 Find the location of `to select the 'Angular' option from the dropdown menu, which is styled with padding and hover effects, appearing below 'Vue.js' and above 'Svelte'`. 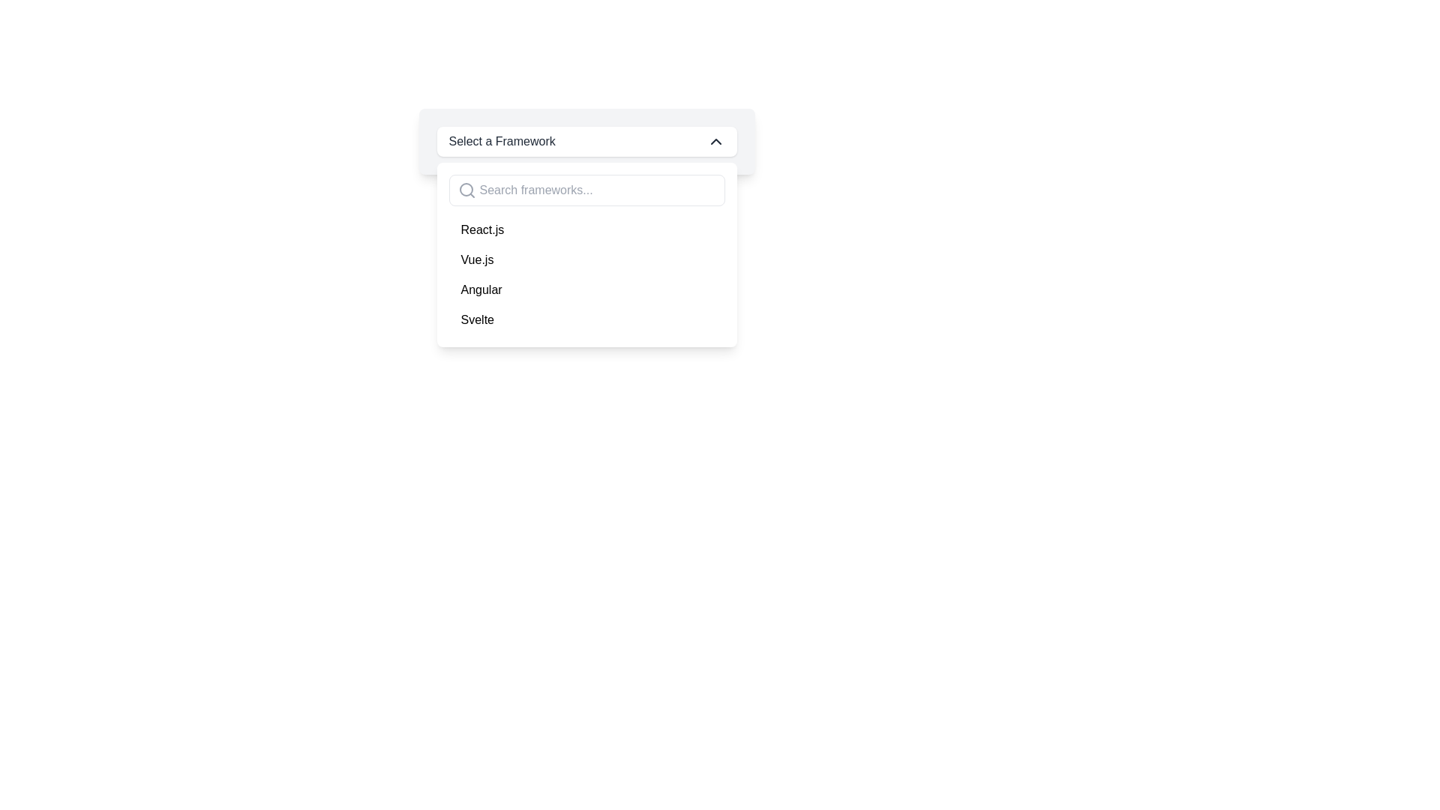

to select the 'Angular' option from the dropdown menu, which is styled with padding and hover effects, appearing below 'Vue.js' and above 'Svelte' is located at coordinates (586, 289).